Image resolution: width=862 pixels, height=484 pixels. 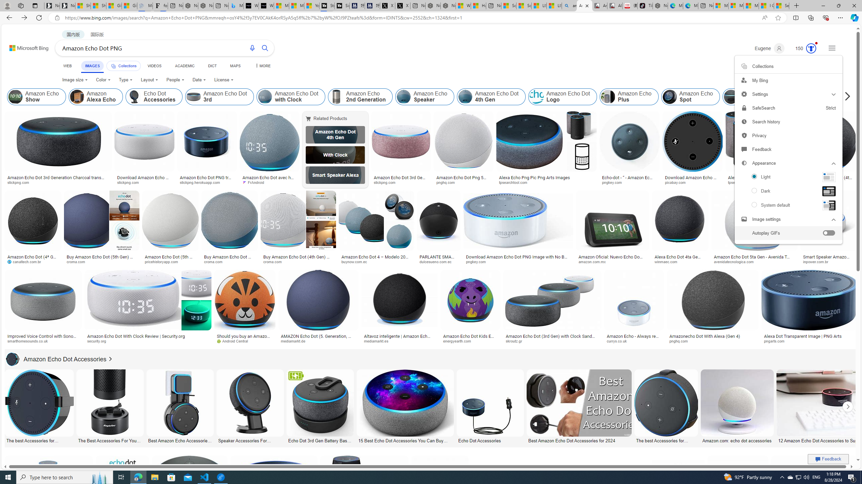 What do you see at coordinates (235, 66) in the screenshot?
I see `'MAPS'` at bounding box center [235, 66].